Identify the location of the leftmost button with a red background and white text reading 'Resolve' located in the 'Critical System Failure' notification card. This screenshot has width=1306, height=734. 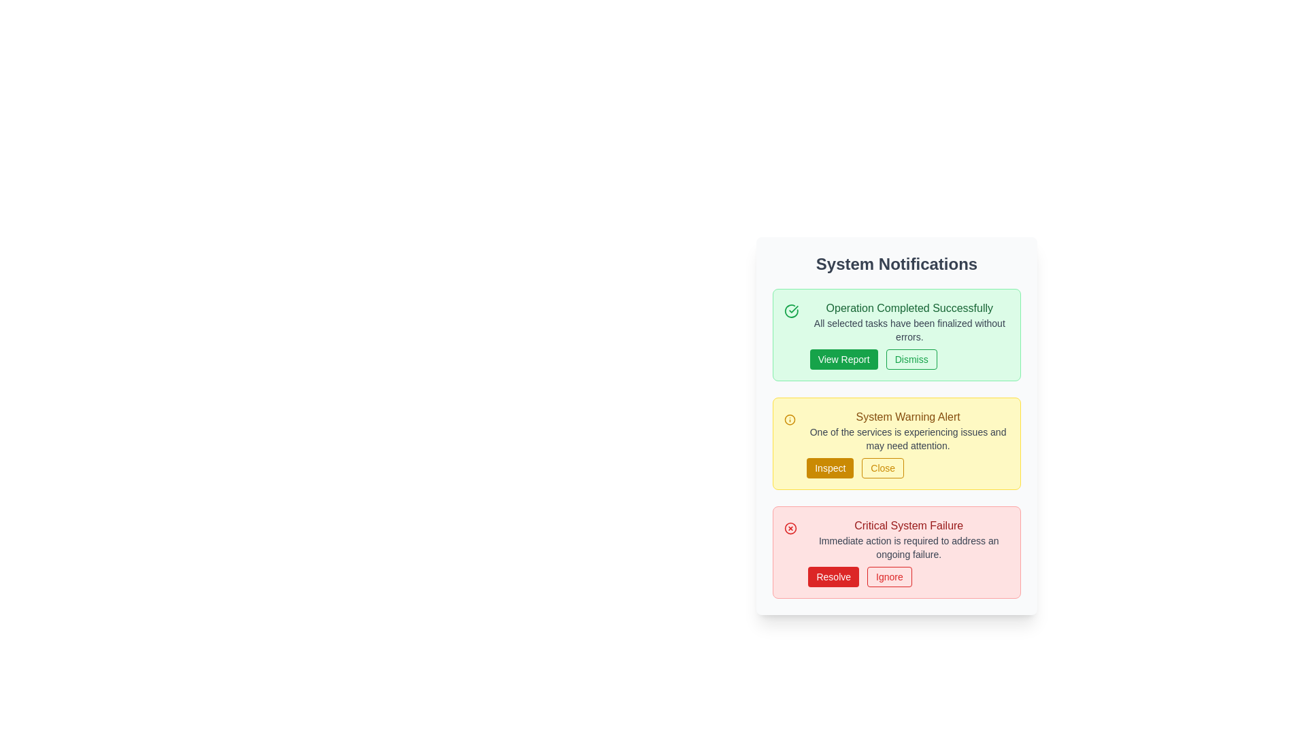
(833, 576).